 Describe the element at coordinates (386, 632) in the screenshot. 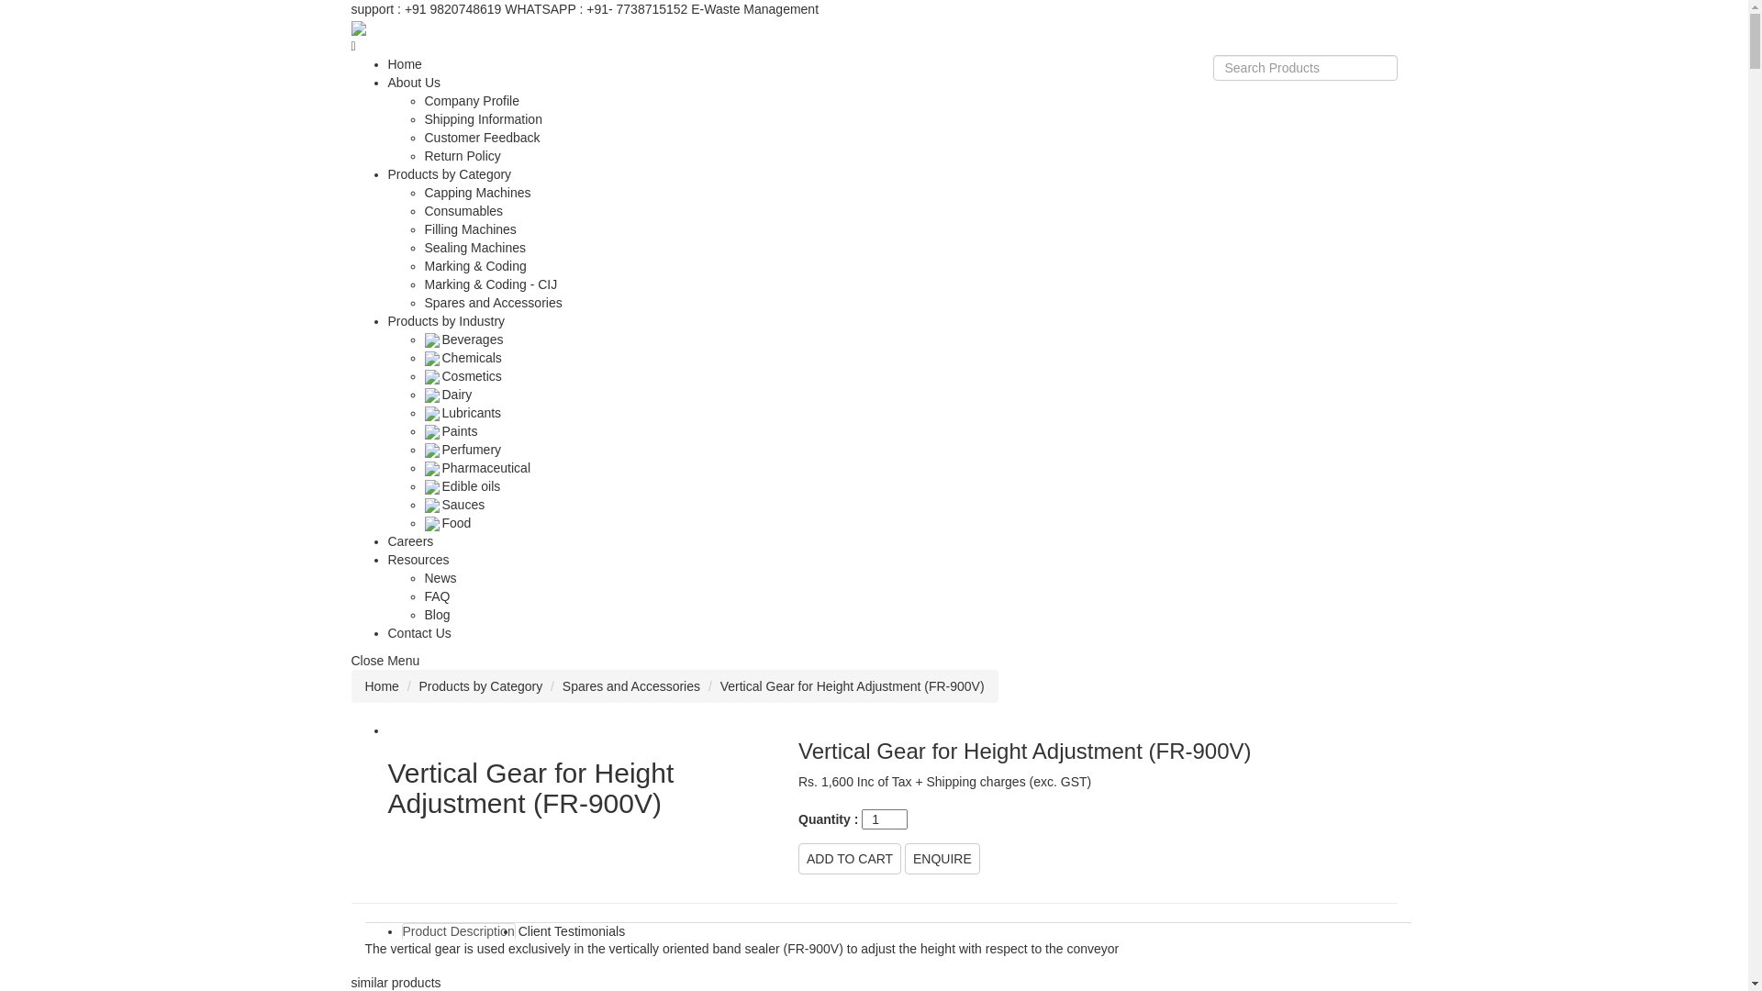

I see `'Contact Us'` at that location.